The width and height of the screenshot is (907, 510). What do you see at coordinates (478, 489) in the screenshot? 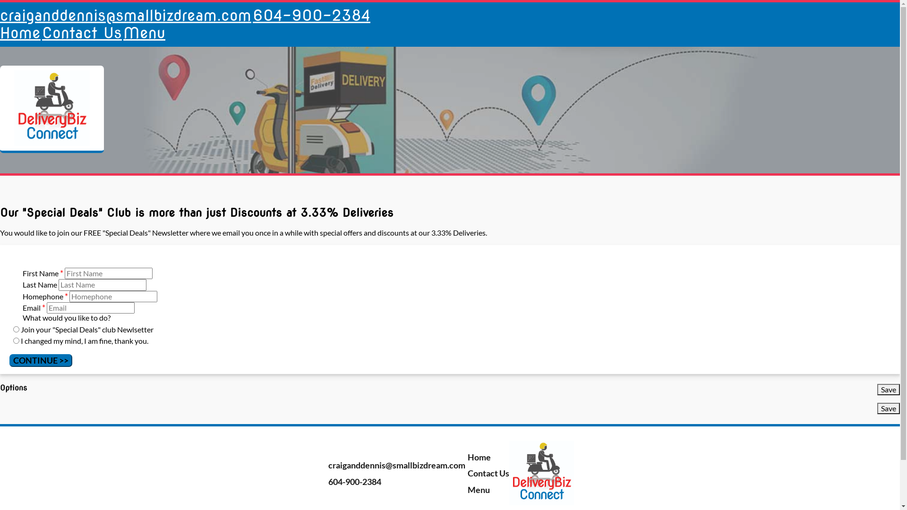
I see `'Menu'` at bounding box center [478, 489].